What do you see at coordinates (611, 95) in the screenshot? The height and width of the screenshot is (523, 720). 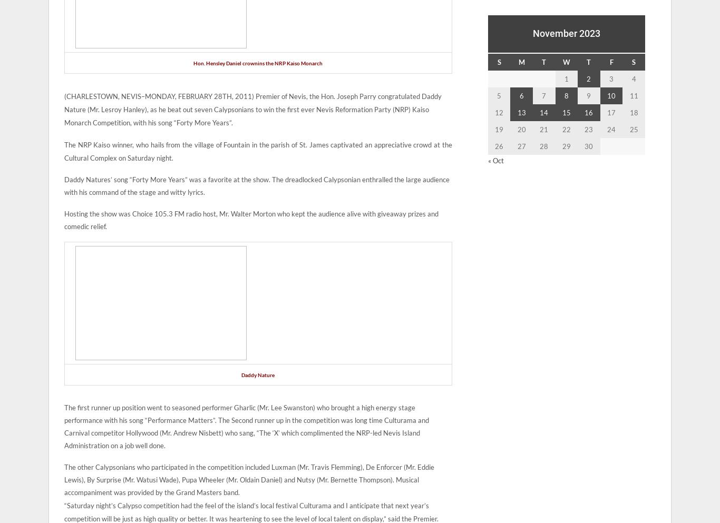 I see `'10'` at bounding box center [611, 95].